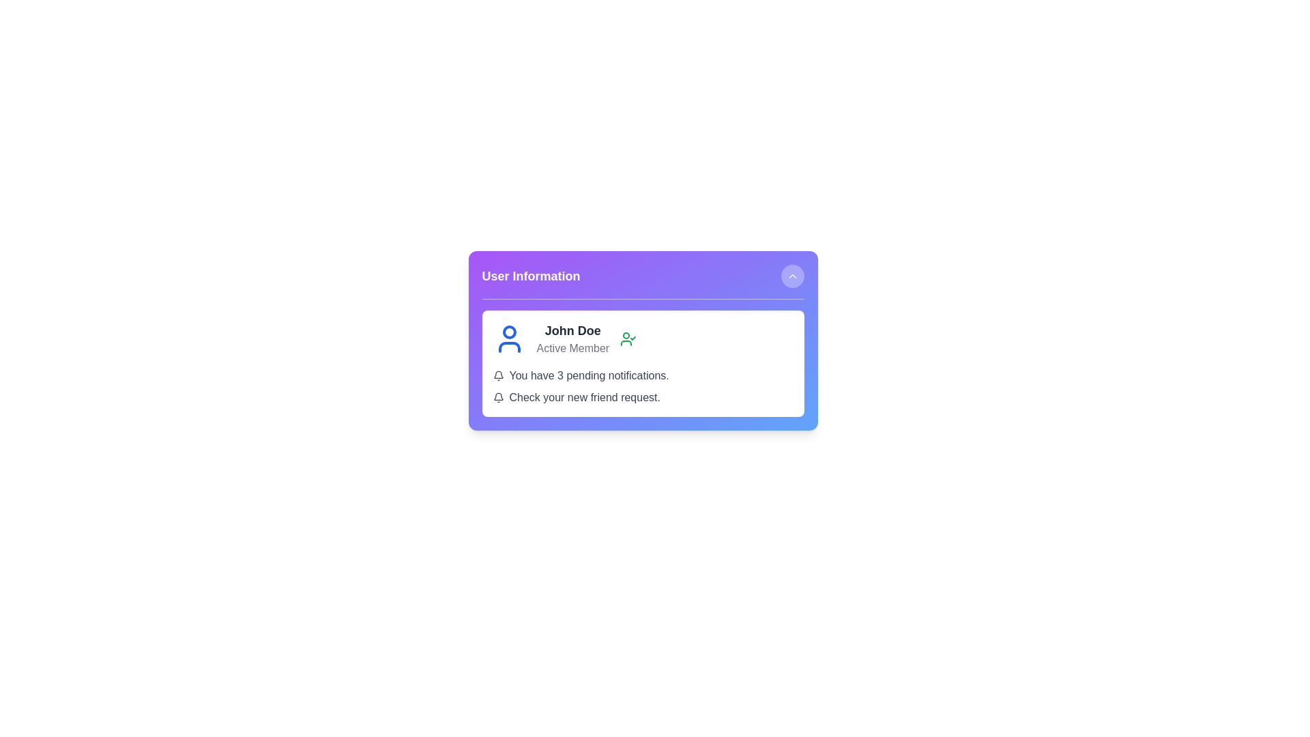  Describe the element at coordinates (508, 332) in the screenshot. I see `the circular decoration that represents the user's profile within the SVG graphic, located at the center-top of the user icon` at that location.